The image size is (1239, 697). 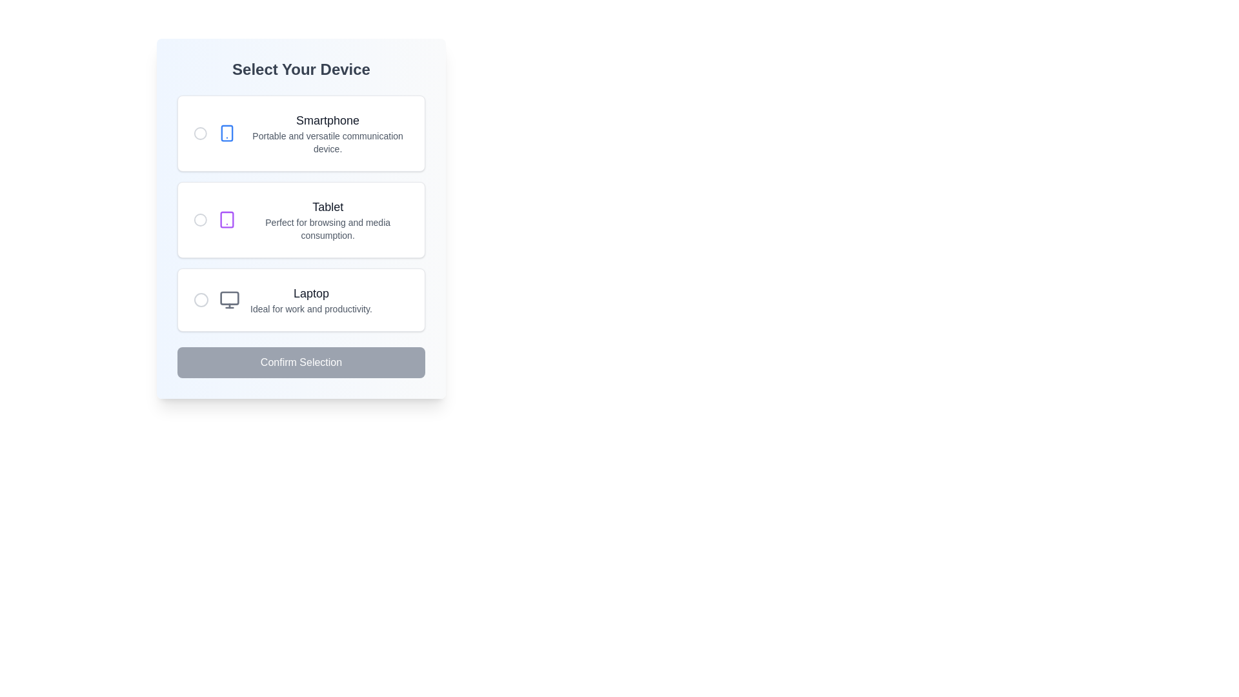 What do you see at coordinates (328, 228) in the screenshot?
I see `the Text label that provides additional descriptive information about the Tablet option in the selection list, located beneath the title 'Tablet'` at bounding box center [328, 228].